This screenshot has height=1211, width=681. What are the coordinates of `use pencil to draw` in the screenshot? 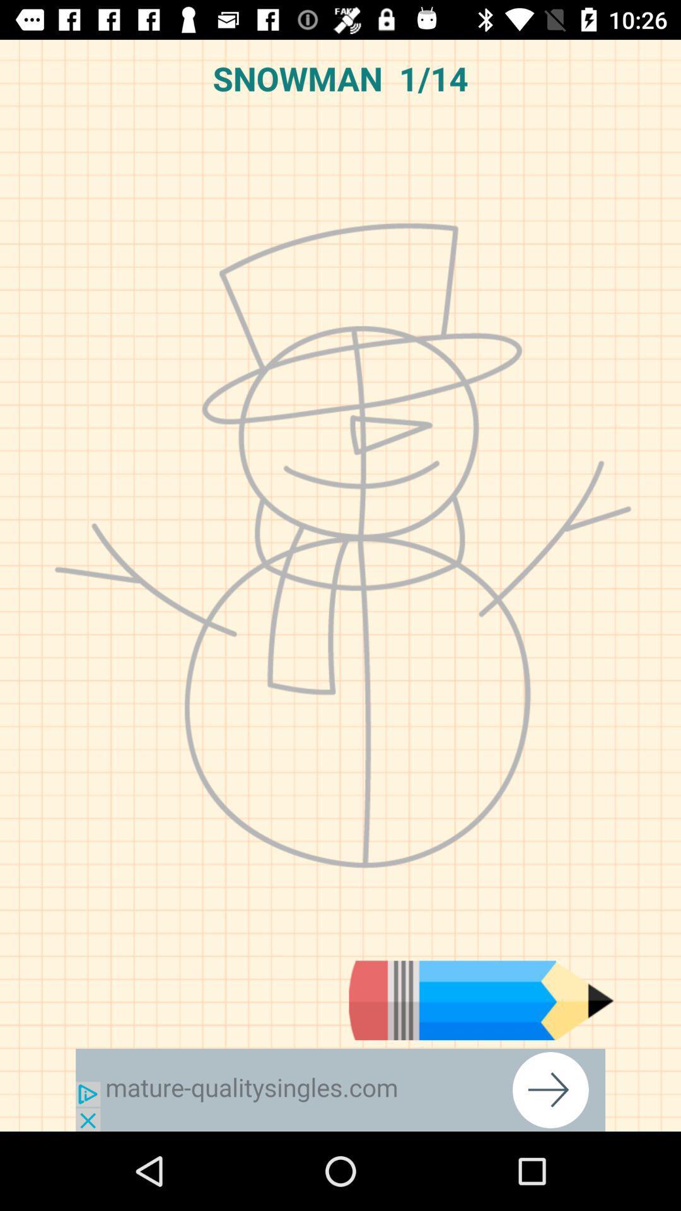 It's located at (481, 1000).